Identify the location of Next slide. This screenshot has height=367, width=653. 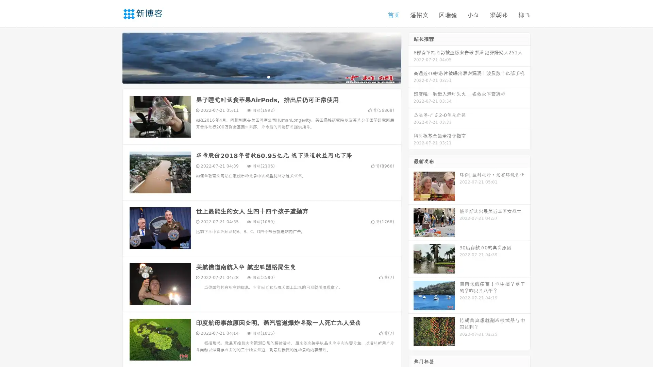
(411, 57).